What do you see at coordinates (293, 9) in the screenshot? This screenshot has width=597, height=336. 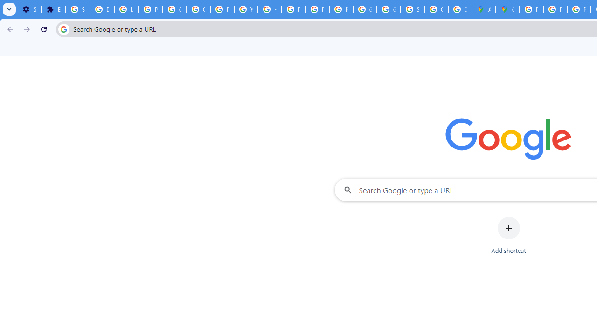 I see `'Privacy Help Center - Policies Help'` at bounding box center [293, 9].